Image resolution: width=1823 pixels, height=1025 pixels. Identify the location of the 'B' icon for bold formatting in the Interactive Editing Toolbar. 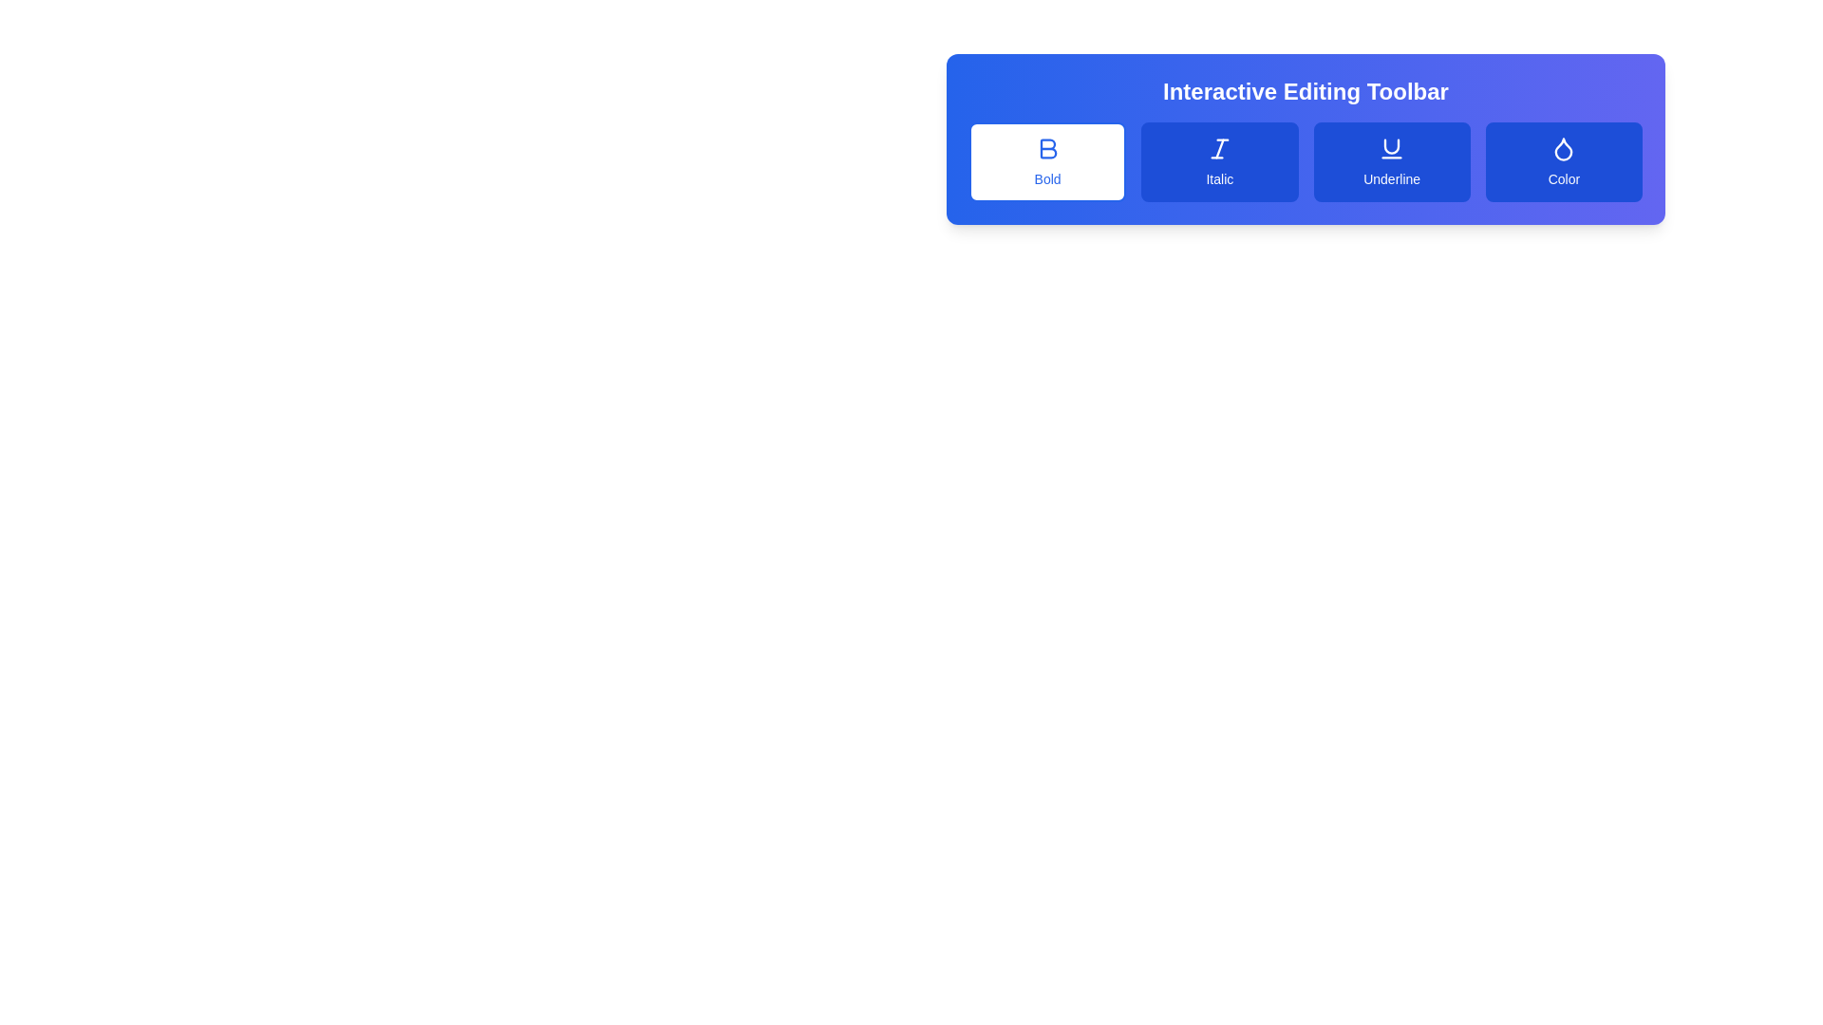
(1046, 148).